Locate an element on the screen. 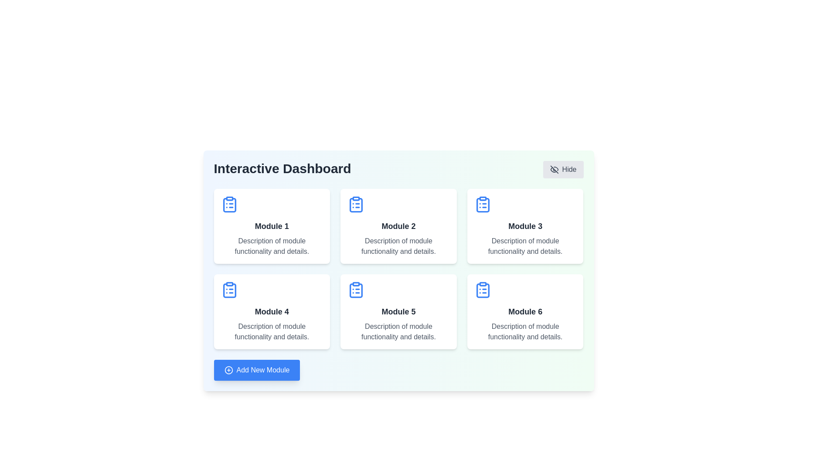  the Text label that serves as the title for the corresponding module, located in the second card of the first row, positioned above a description and below an icon is located at coordinates (398, 226).